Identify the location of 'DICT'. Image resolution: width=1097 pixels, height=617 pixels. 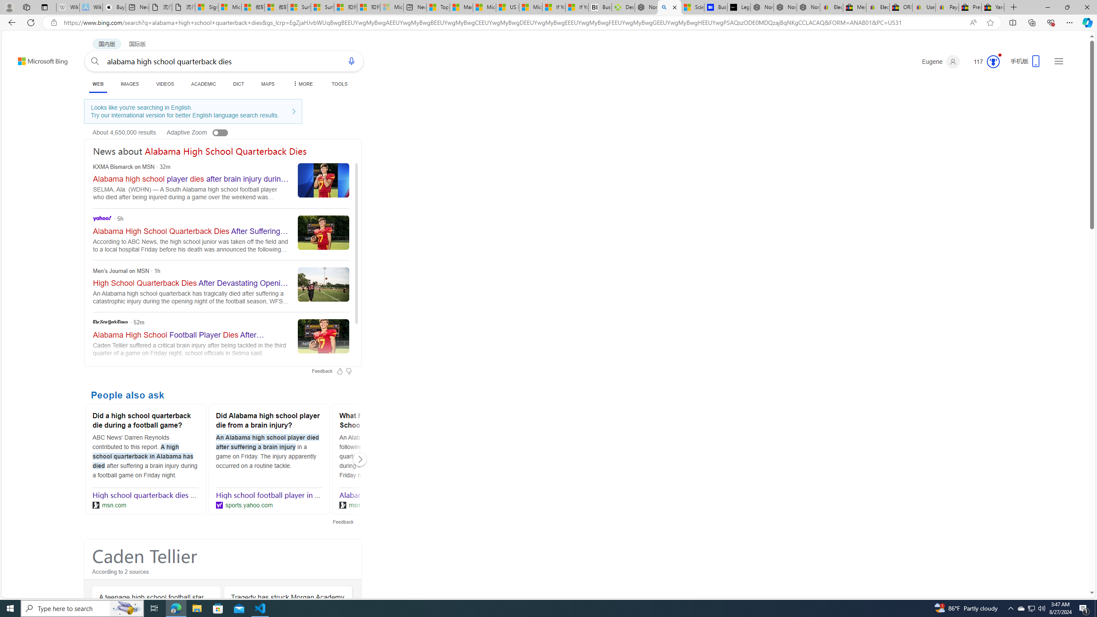
(238, 84).